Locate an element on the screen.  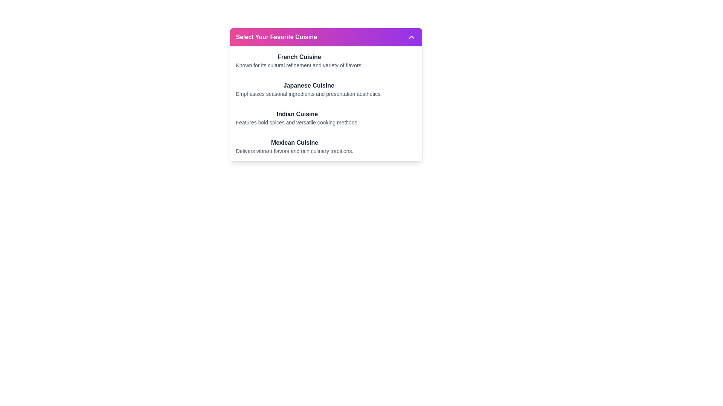
the list item titled 'French Cuisine', which is the first item in the dropdown-like structure below the header 'Select Your Favorite Cuisine' is located at coordinates (326, 61).